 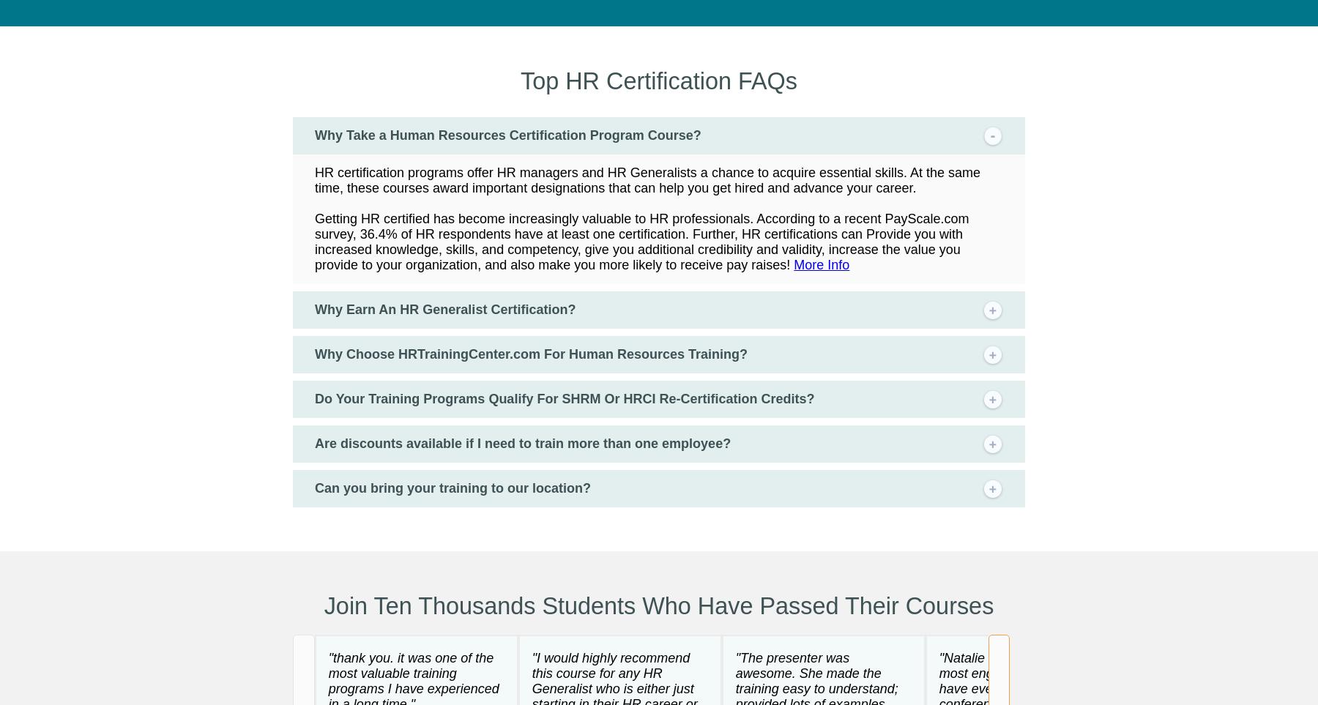 I want to click on 'Why Take a Human Resources Certification Program Course?', so click(x=315, y=134).